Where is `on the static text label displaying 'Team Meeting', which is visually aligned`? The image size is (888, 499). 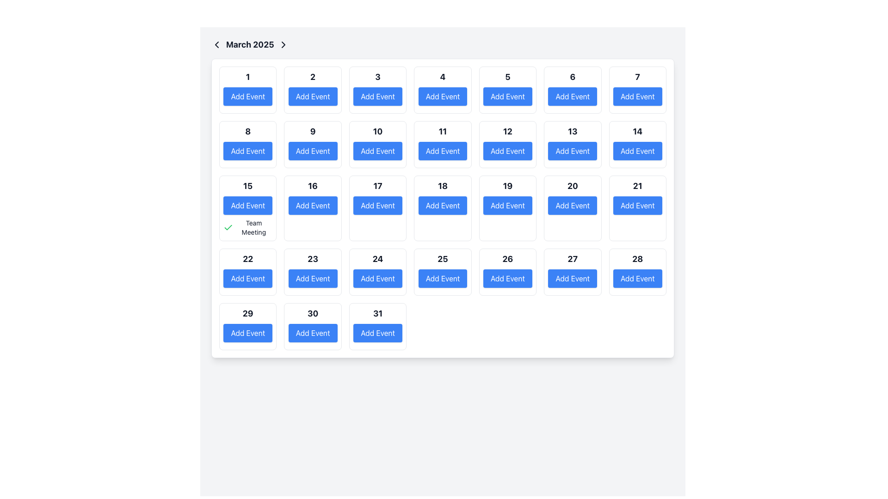 on the static text label displaying 'Team Meeting', which is visually aligned is located at coordinates (253, 228).